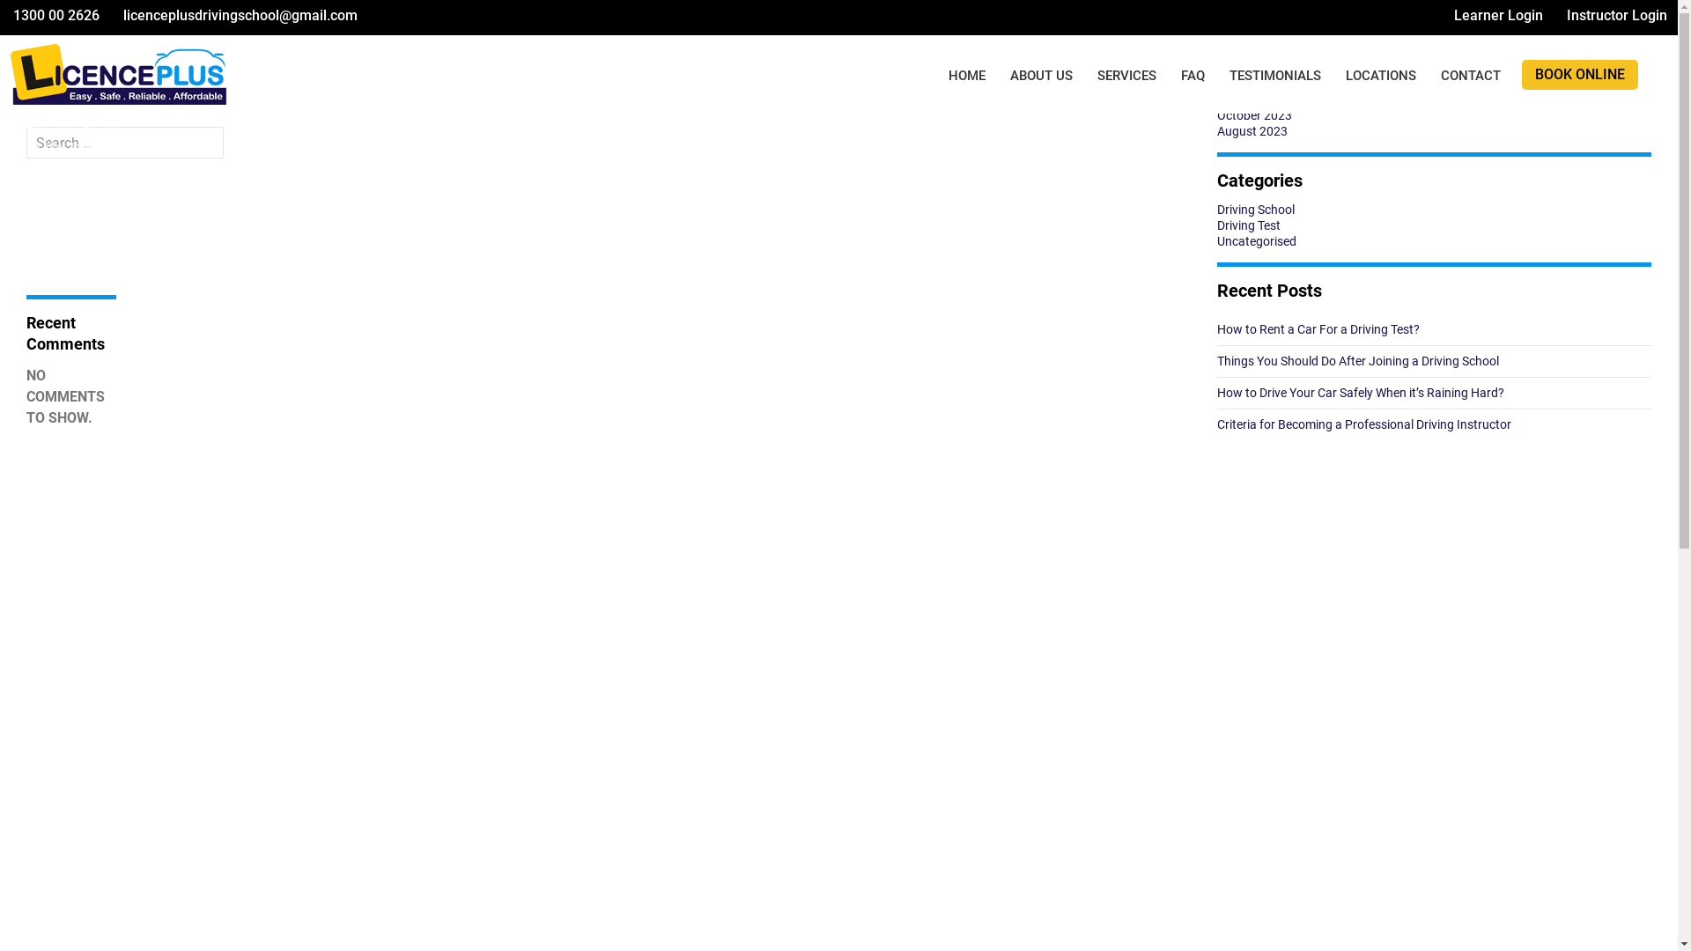 This screenshot has width=1691, height=951. What do you see at coordinates (1216, 240) in the screenshot?
I see `'Uncategorised'` at bounding box center [1216, 240].